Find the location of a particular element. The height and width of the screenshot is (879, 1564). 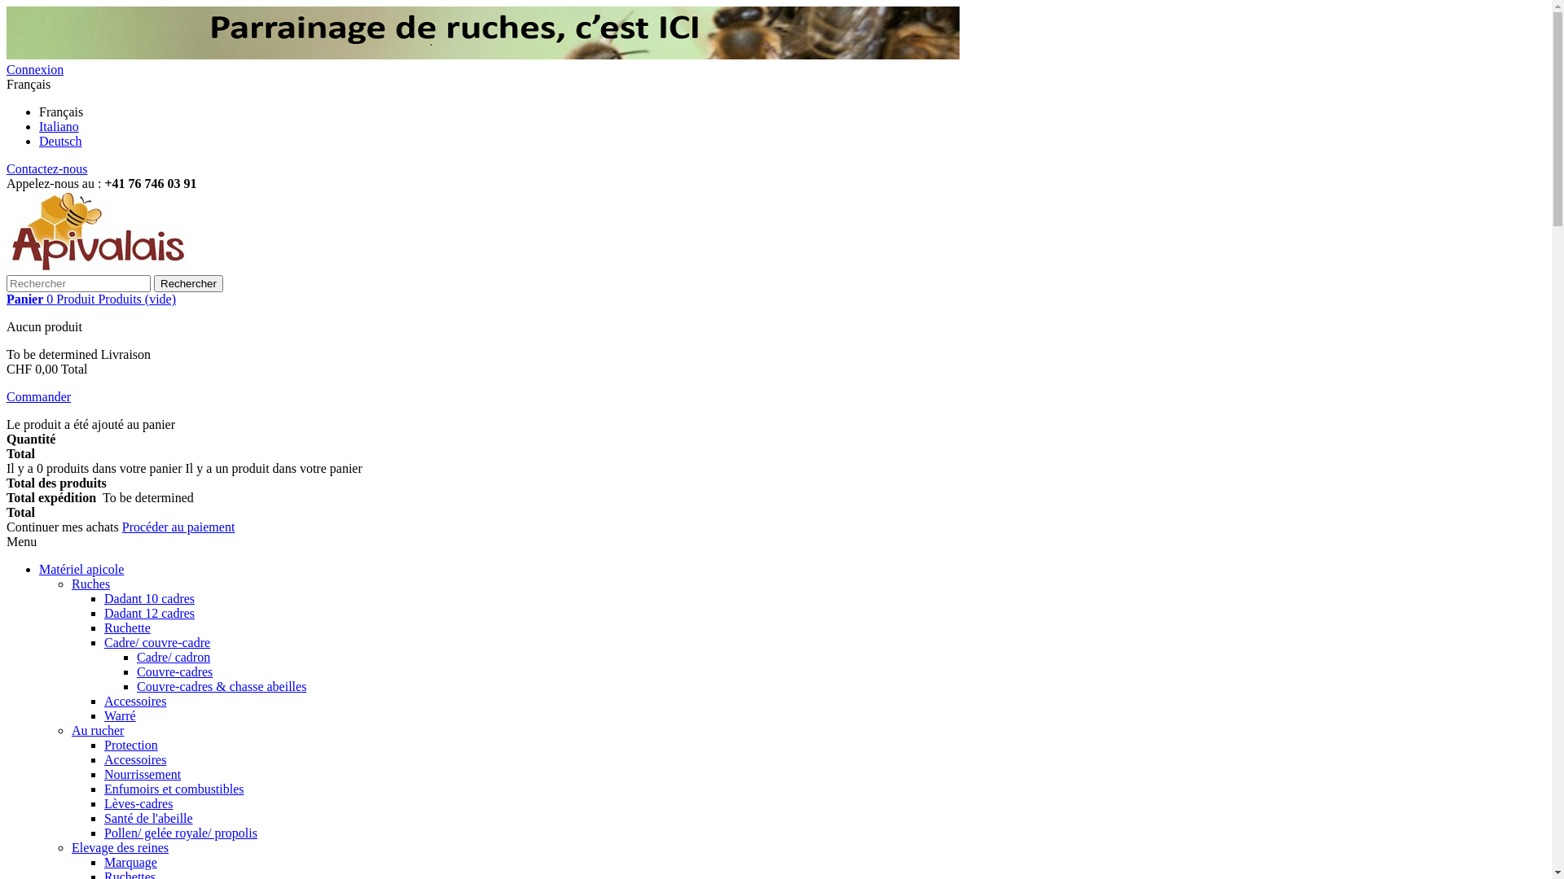

'Elevage des reines' is located at coordinates (119, 846).